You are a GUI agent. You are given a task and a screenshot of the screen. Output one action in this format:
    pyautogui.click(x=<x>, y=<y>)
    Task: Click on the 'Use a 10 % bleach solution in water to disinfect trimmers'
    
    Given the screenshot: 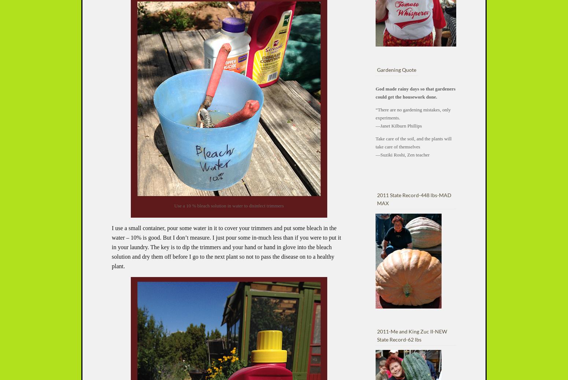 What is the action you would take?
    pyautogui.click(x=228, y=206)
    